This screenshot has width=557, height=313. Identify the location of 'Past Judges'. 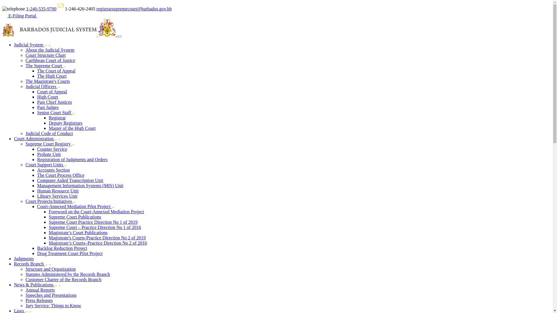
(48, 107).